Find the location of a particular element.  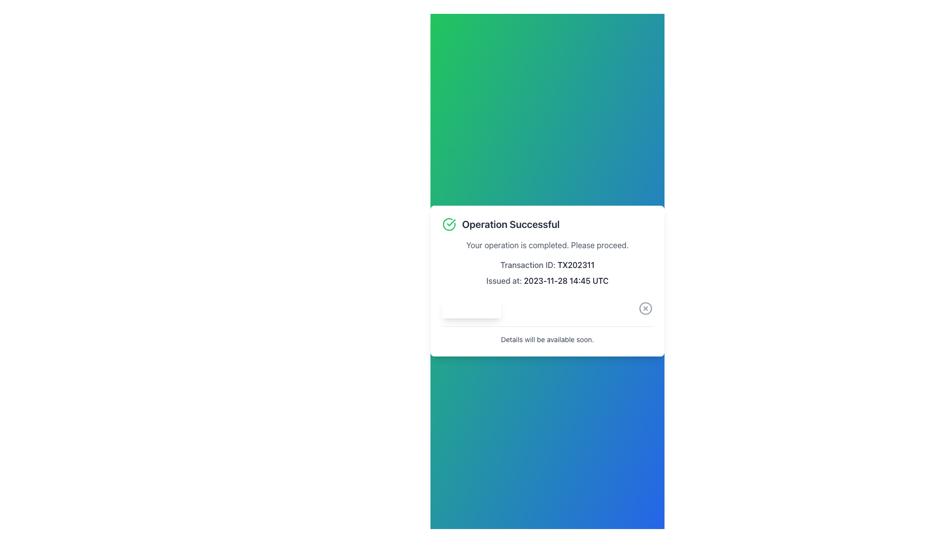

the static success message label located to the right of the green checkmark icon in the notification card is located at coordinates (511, 224).